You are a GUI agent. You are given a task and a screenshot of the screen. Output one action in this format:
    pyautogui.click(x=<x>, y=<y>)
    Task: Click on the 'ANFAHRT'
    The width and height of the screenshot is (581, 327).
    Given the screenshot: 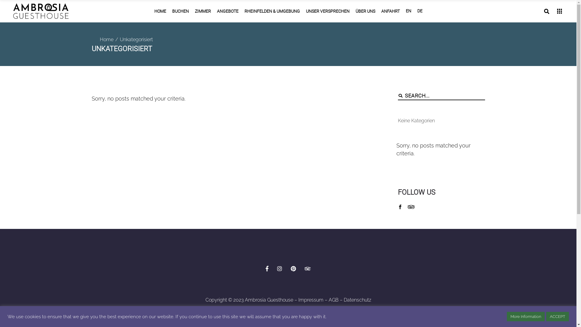 What is the action you would take?
    pyautogui.click(x=390, y=11)
    